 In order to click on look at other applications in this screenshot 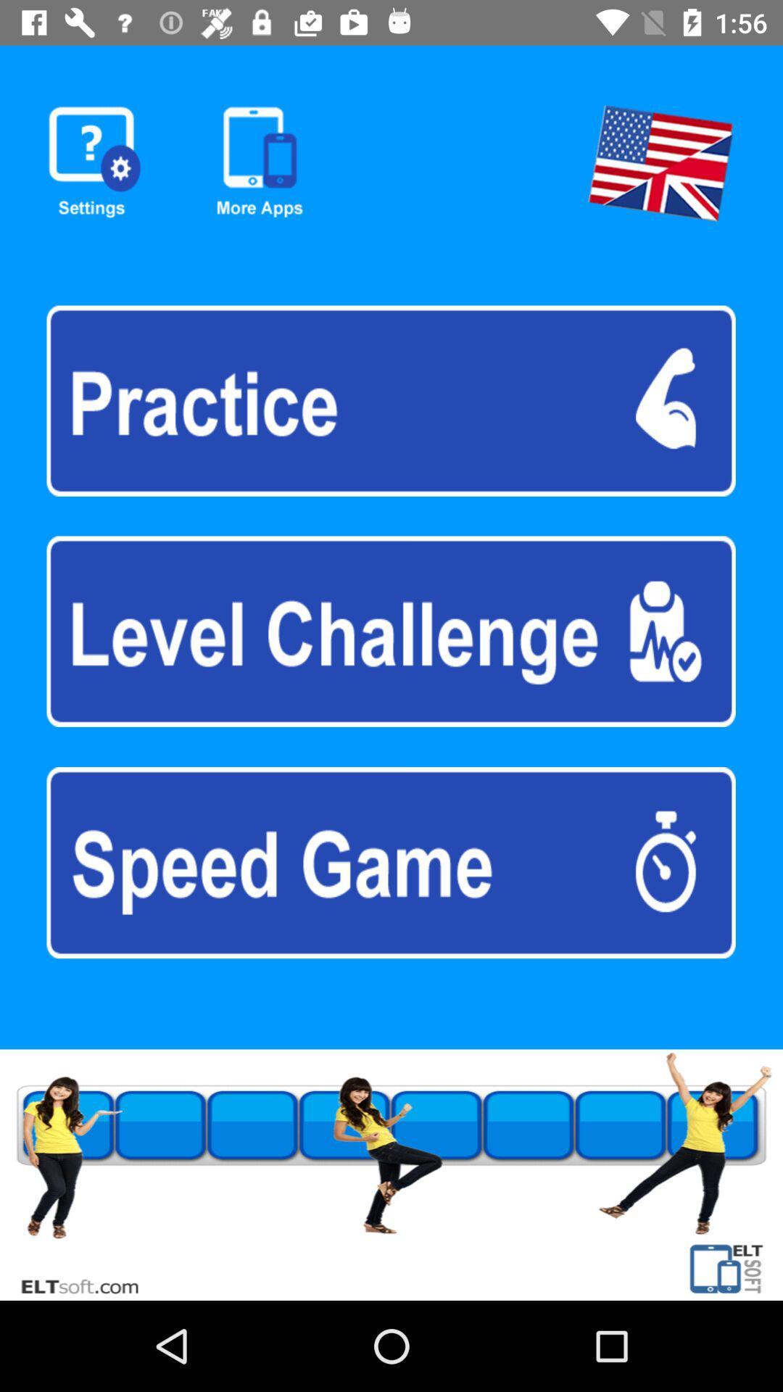, I will do `click(259, 163)`.